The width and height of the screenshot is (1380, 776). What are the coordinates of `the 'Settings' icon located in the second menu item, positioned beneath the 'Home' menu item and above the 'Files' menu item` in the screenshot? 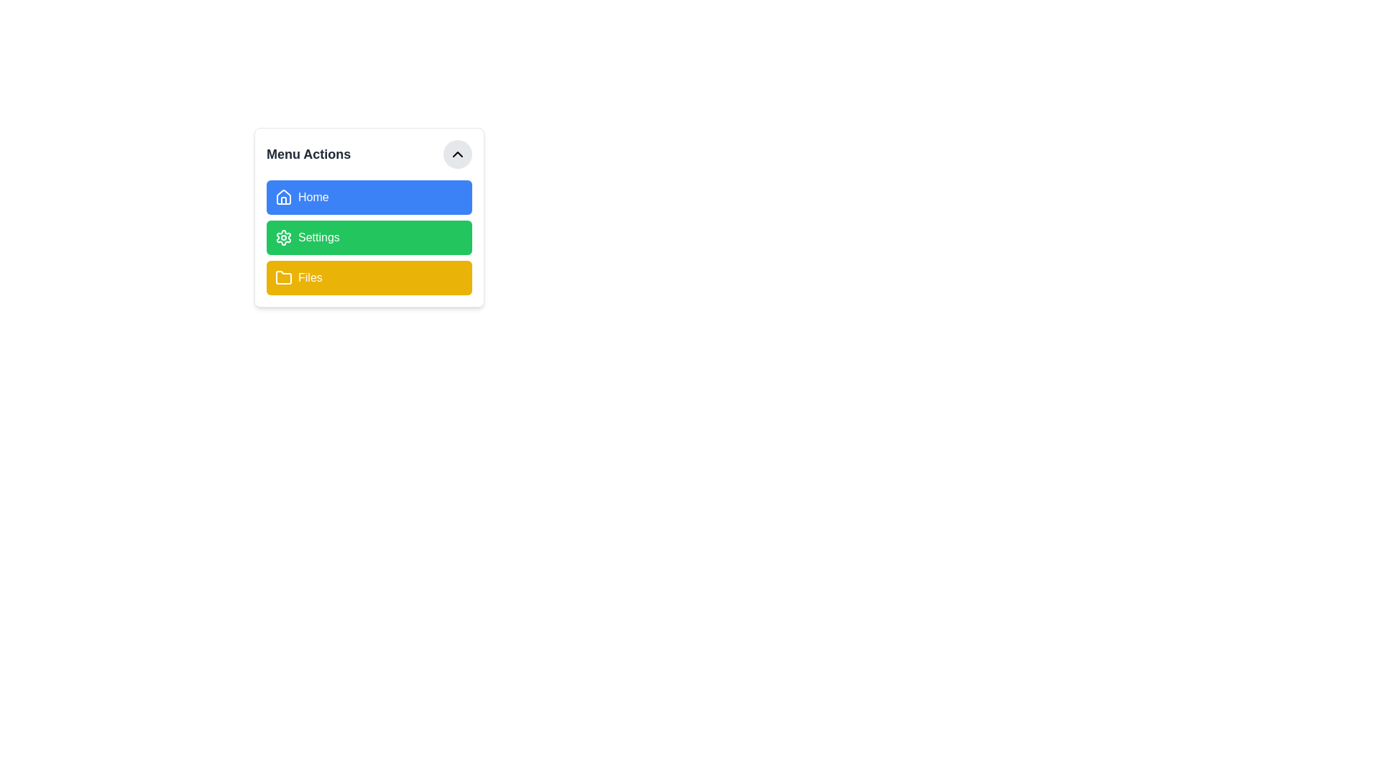 It's located at (283, 237).